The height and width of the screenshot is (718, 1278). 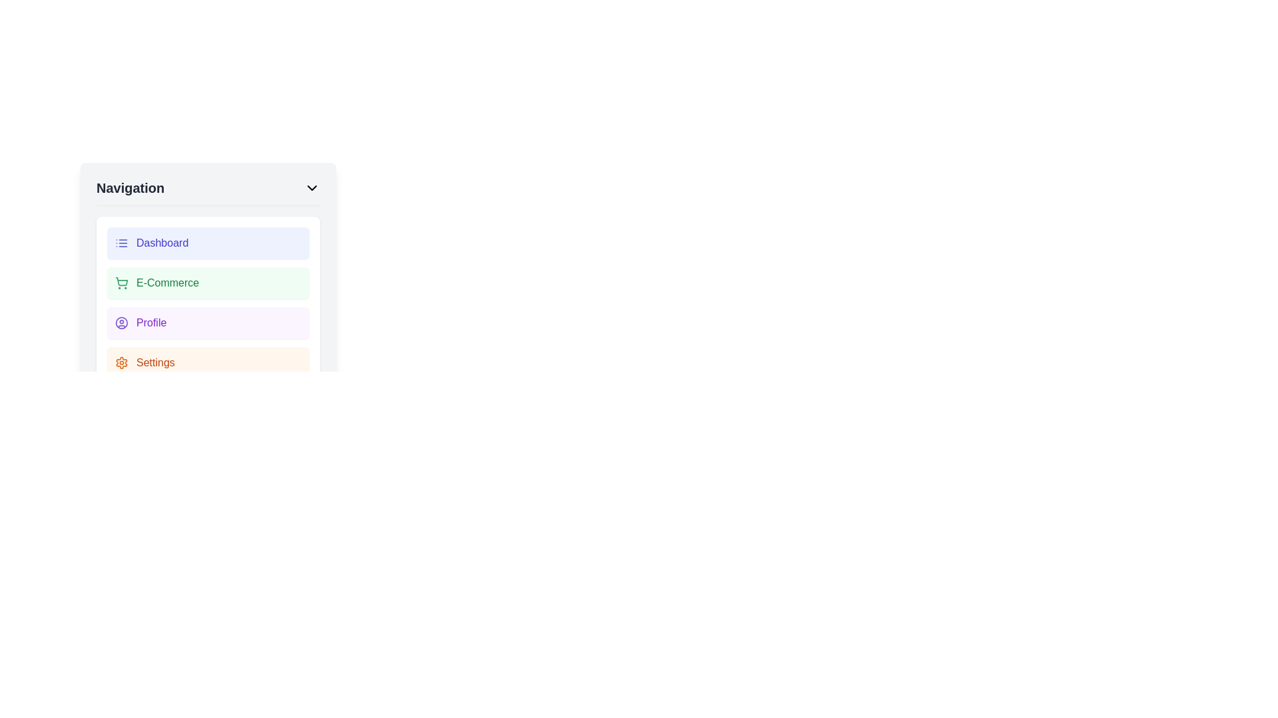 I want to click on the 'E-Commerce' navigation menu item, so click(x=207, y=282).